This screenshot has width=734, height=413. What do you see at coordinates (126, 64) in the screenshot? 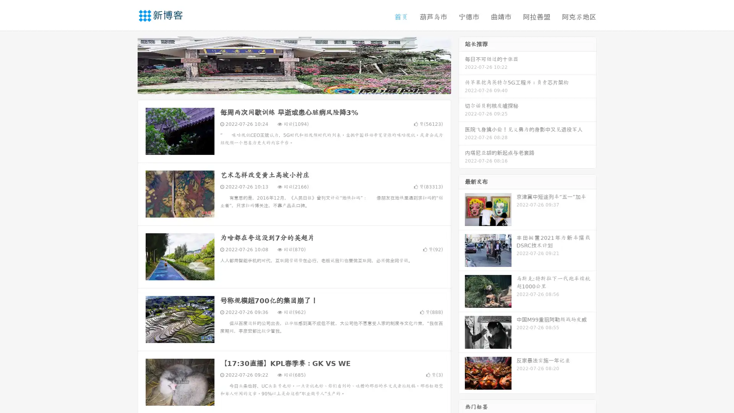
I see `Previous slide` at bounding box center [126, 64].